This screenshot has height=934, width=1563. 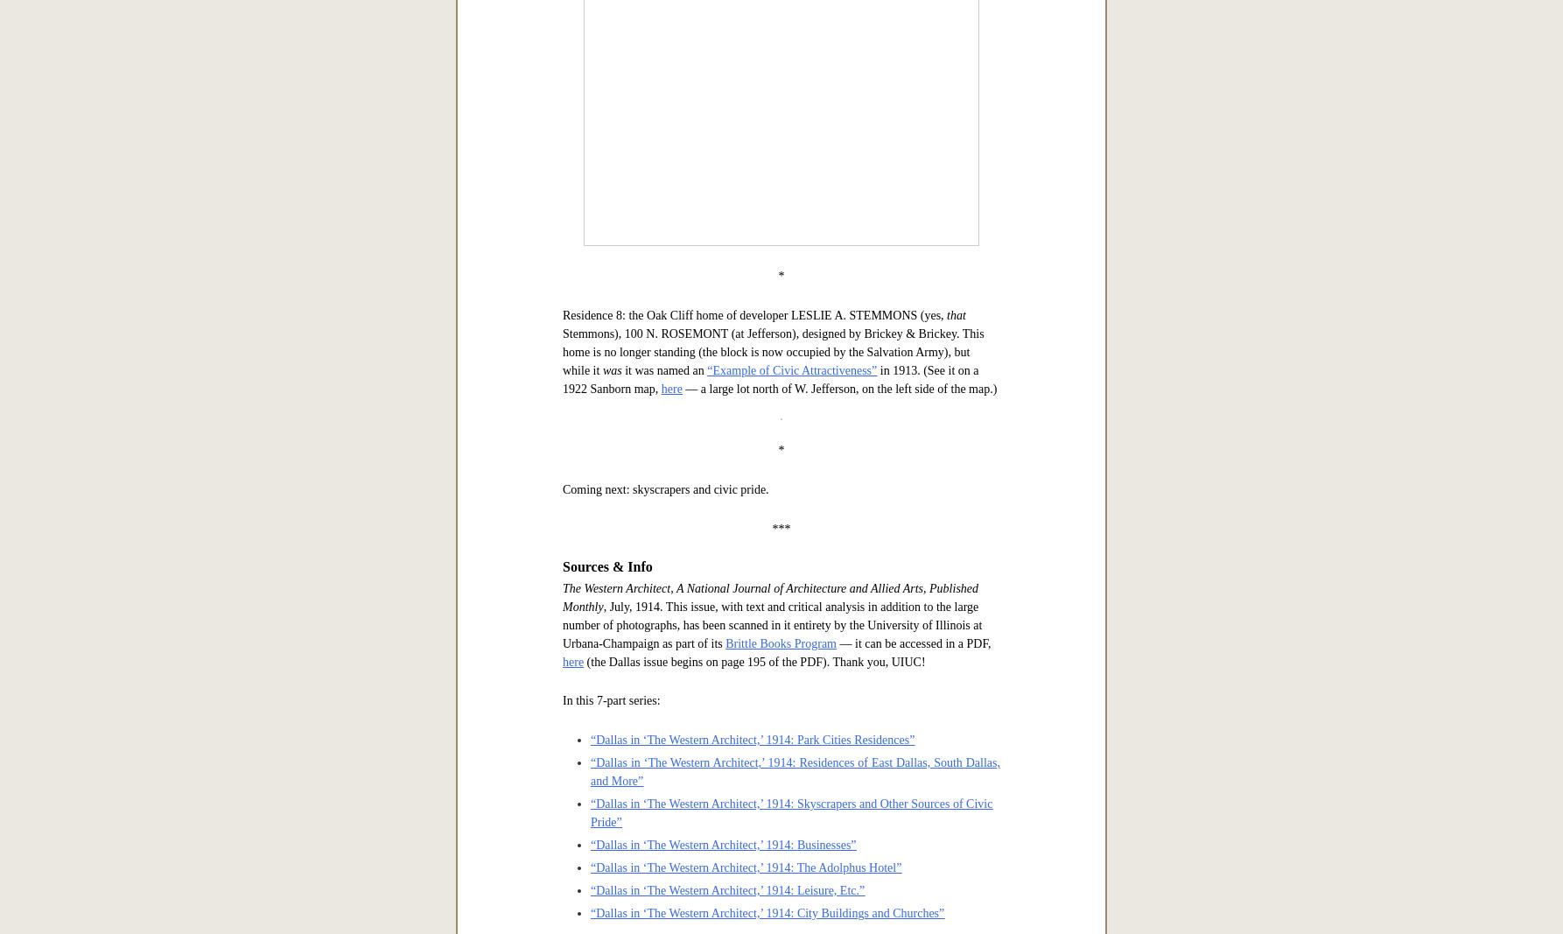 What do you see at coordinates (779, 193) in the screenshot?
I see `'Residence 7: the ELMWOOD APARTMENTS, built by A. R. PHILLIPS, 2707 ROUTH STREET (at Mahon), designed by Hubbell & Greene. No longer an apartment house, the building is still standing in the Uptown area and looks great (see it from a 2011 Google Street View'` at bounding box center [779, 193].